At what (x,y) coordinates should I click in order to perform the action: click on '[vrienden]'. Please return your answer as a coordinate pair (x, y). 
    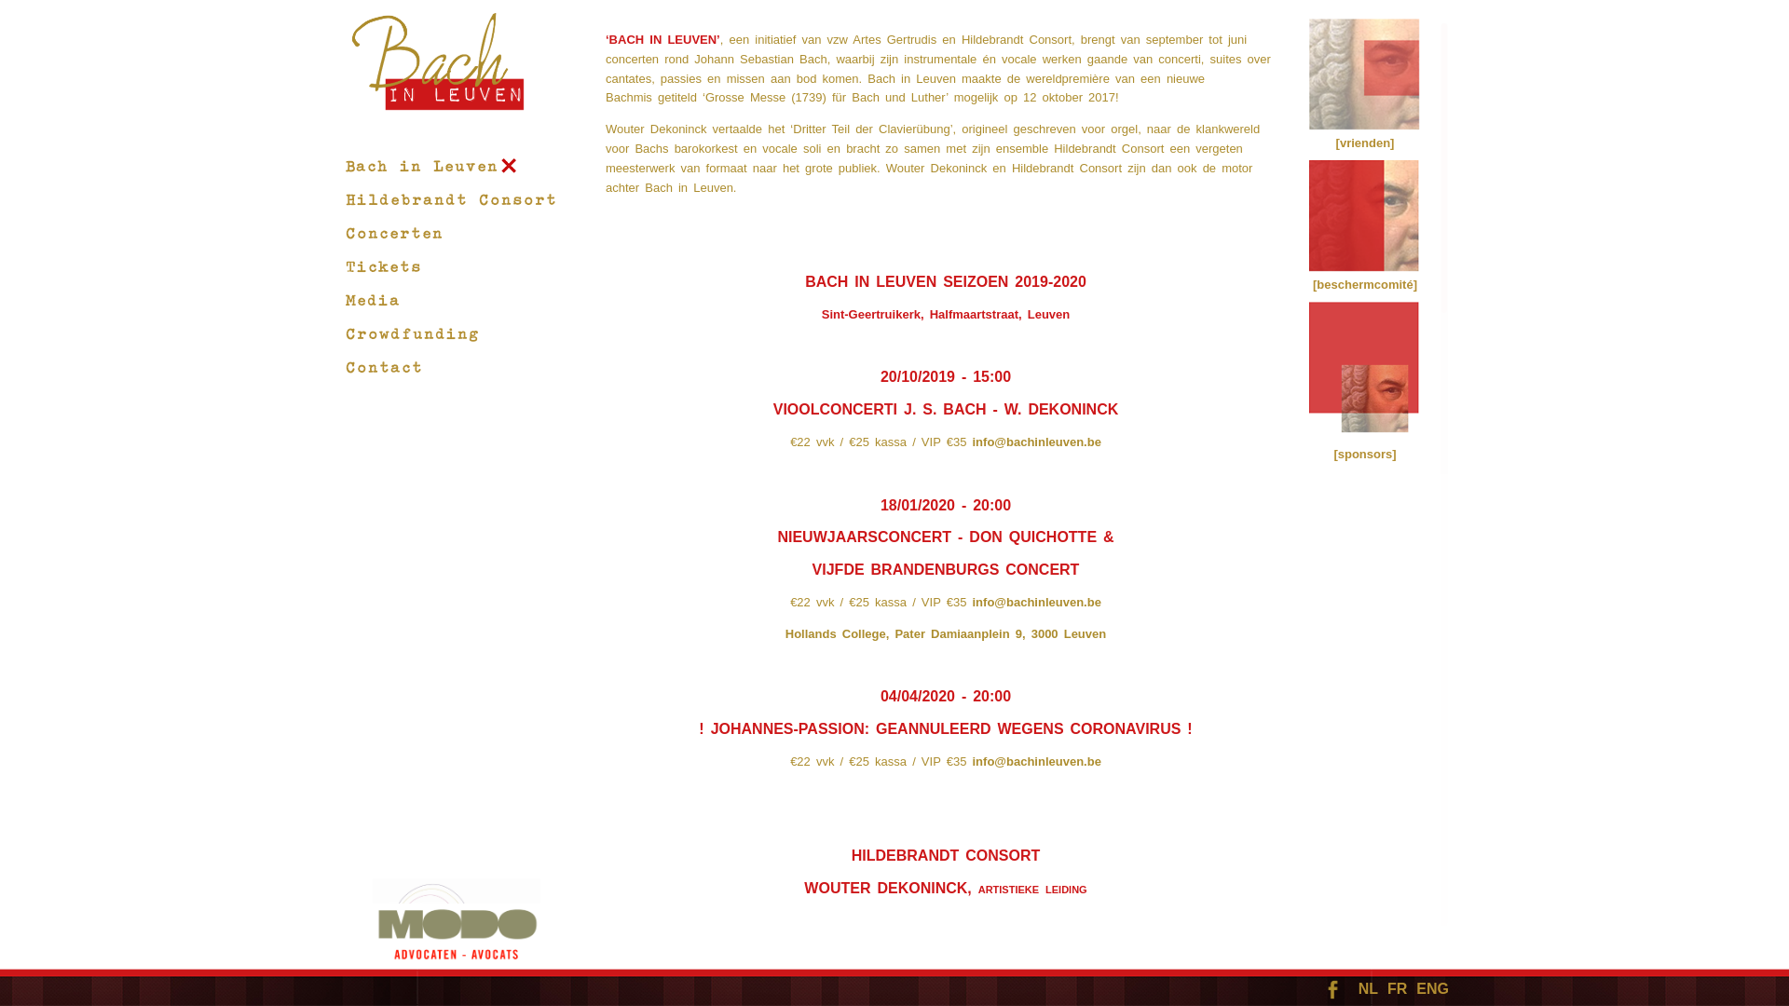
    Looking at the image, I should click on (1335, 142).